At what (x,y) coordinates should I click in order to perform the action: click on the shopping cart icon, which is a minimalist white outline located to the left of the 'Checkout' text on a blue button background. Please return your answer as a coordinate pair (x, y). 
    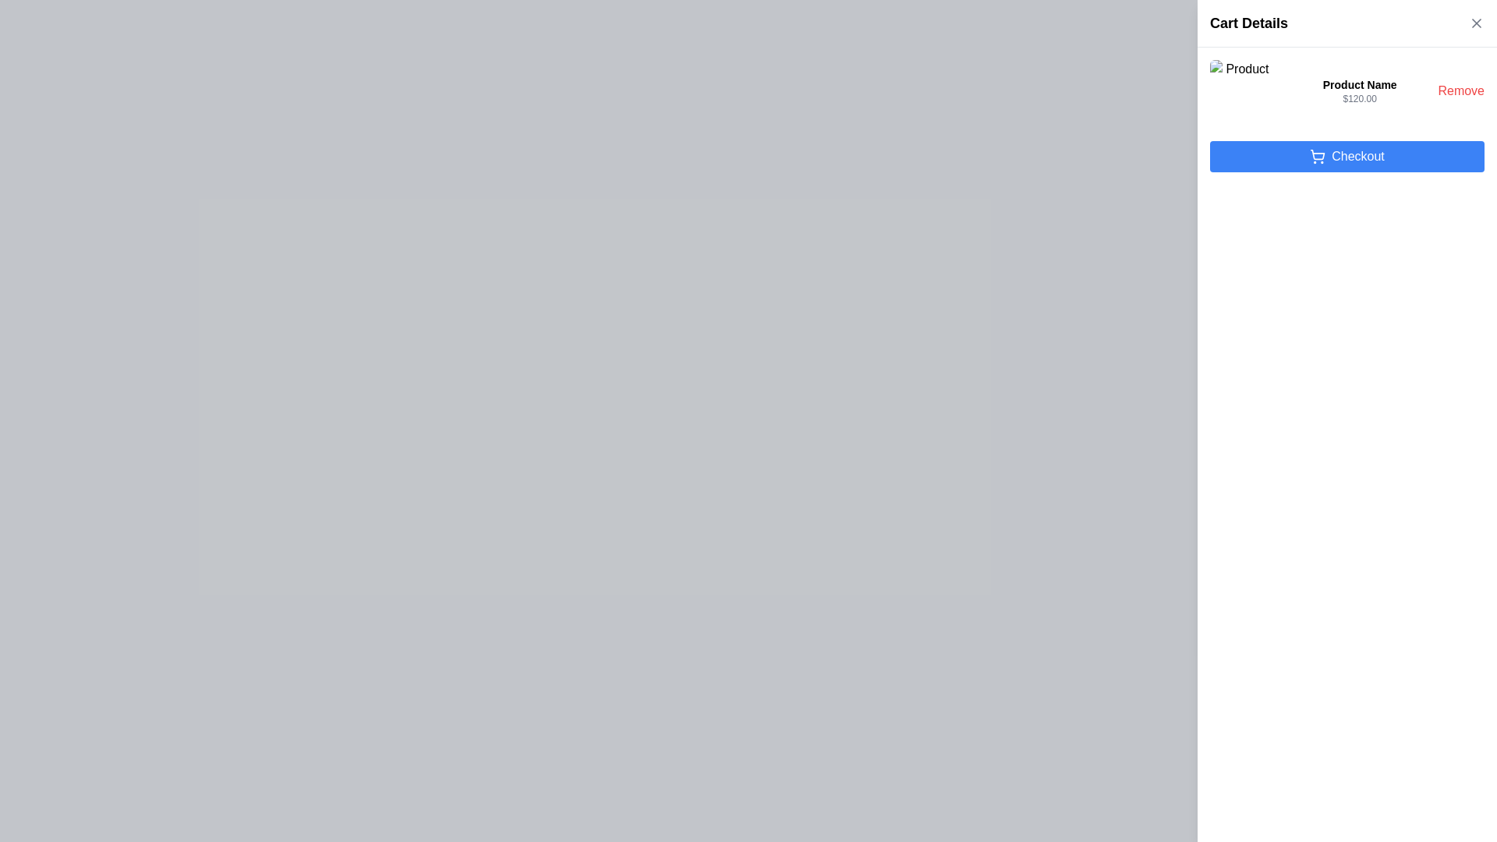
    Looking at the image, I should click on (1317, 156).